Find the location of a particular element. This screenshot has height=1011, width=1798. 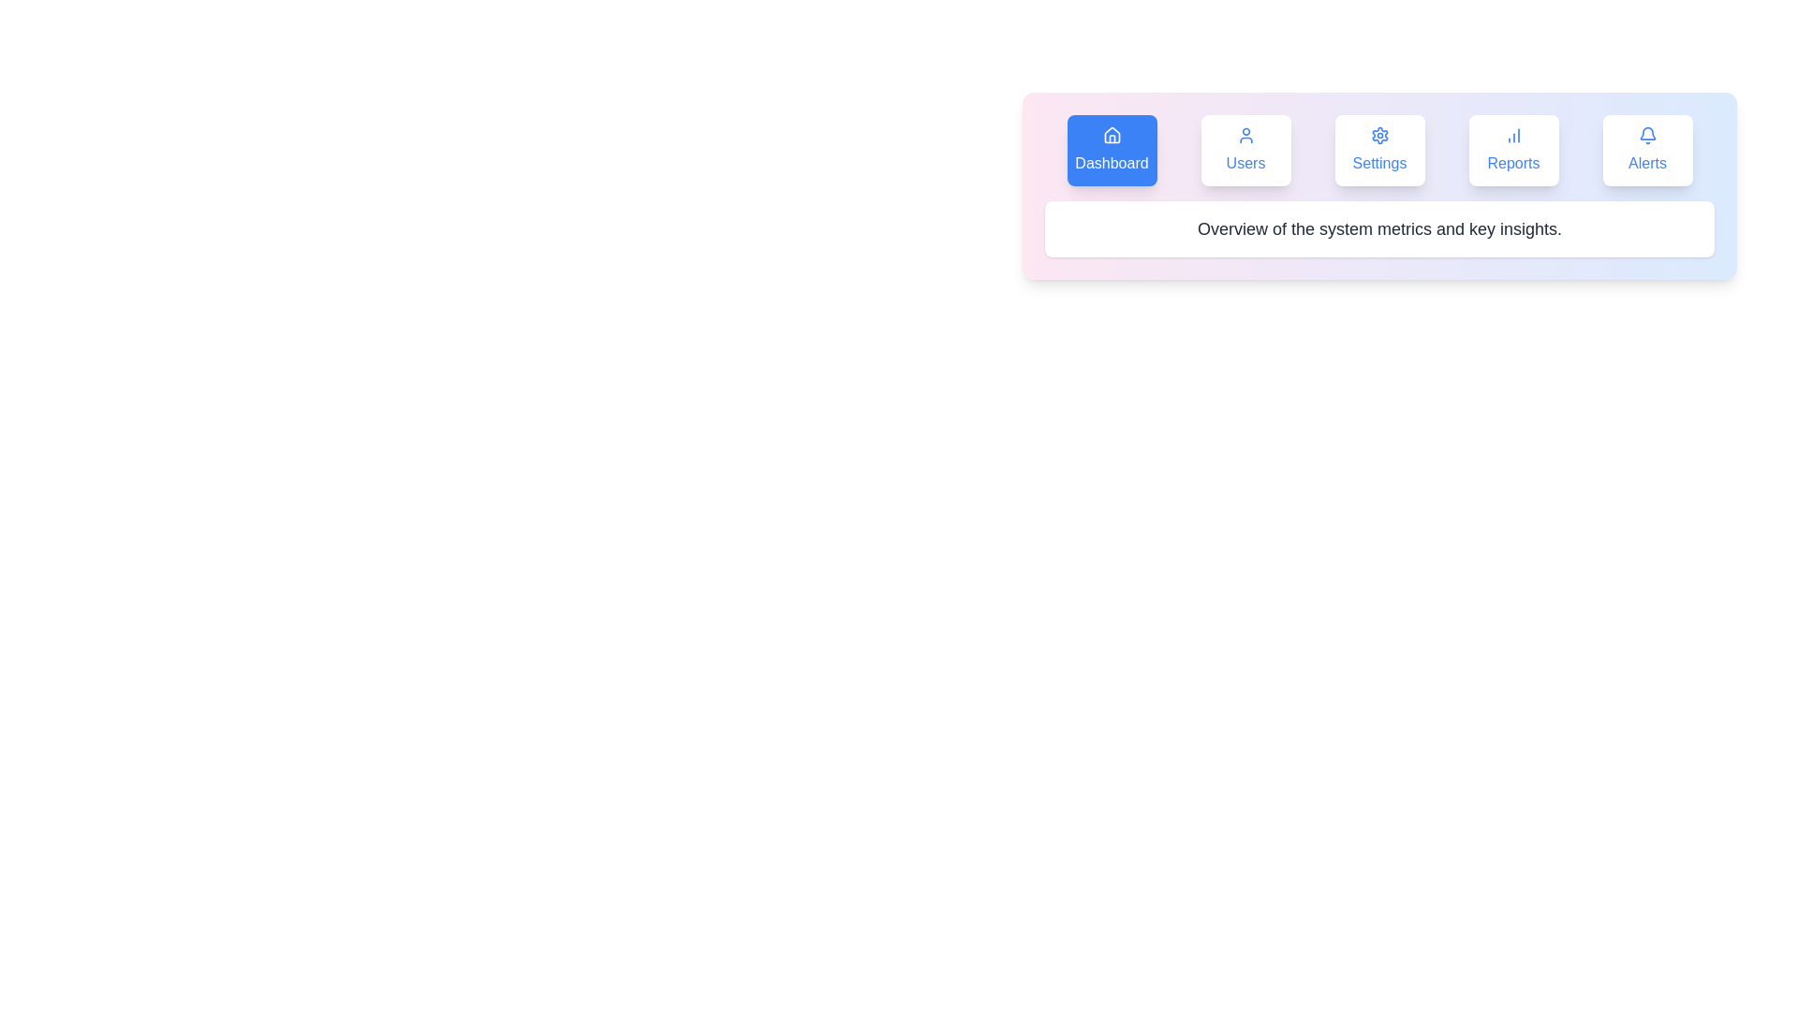

the 'Settings' button in the navigation bar is located at coordinates (1379, 150).